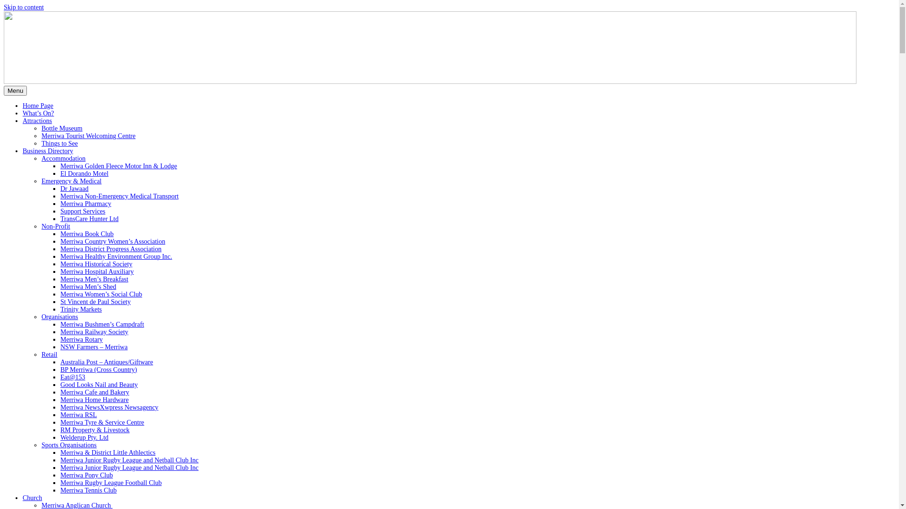 This screenshot has width=906, height=509. I want to click on 'TransCare Hunter Ltd', so click(89, 219).